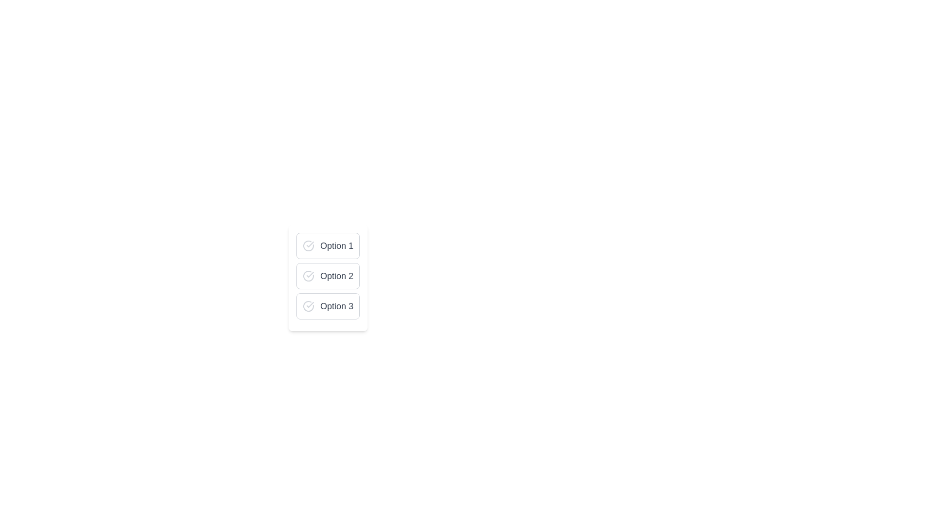  Describe the element at coordinates (308, 245) in the screenshot. I see `the surrounding option row by clicking on the circular gray icon with a checkmark inside, which is the first icon on the left of 'Option 1'` at that location.